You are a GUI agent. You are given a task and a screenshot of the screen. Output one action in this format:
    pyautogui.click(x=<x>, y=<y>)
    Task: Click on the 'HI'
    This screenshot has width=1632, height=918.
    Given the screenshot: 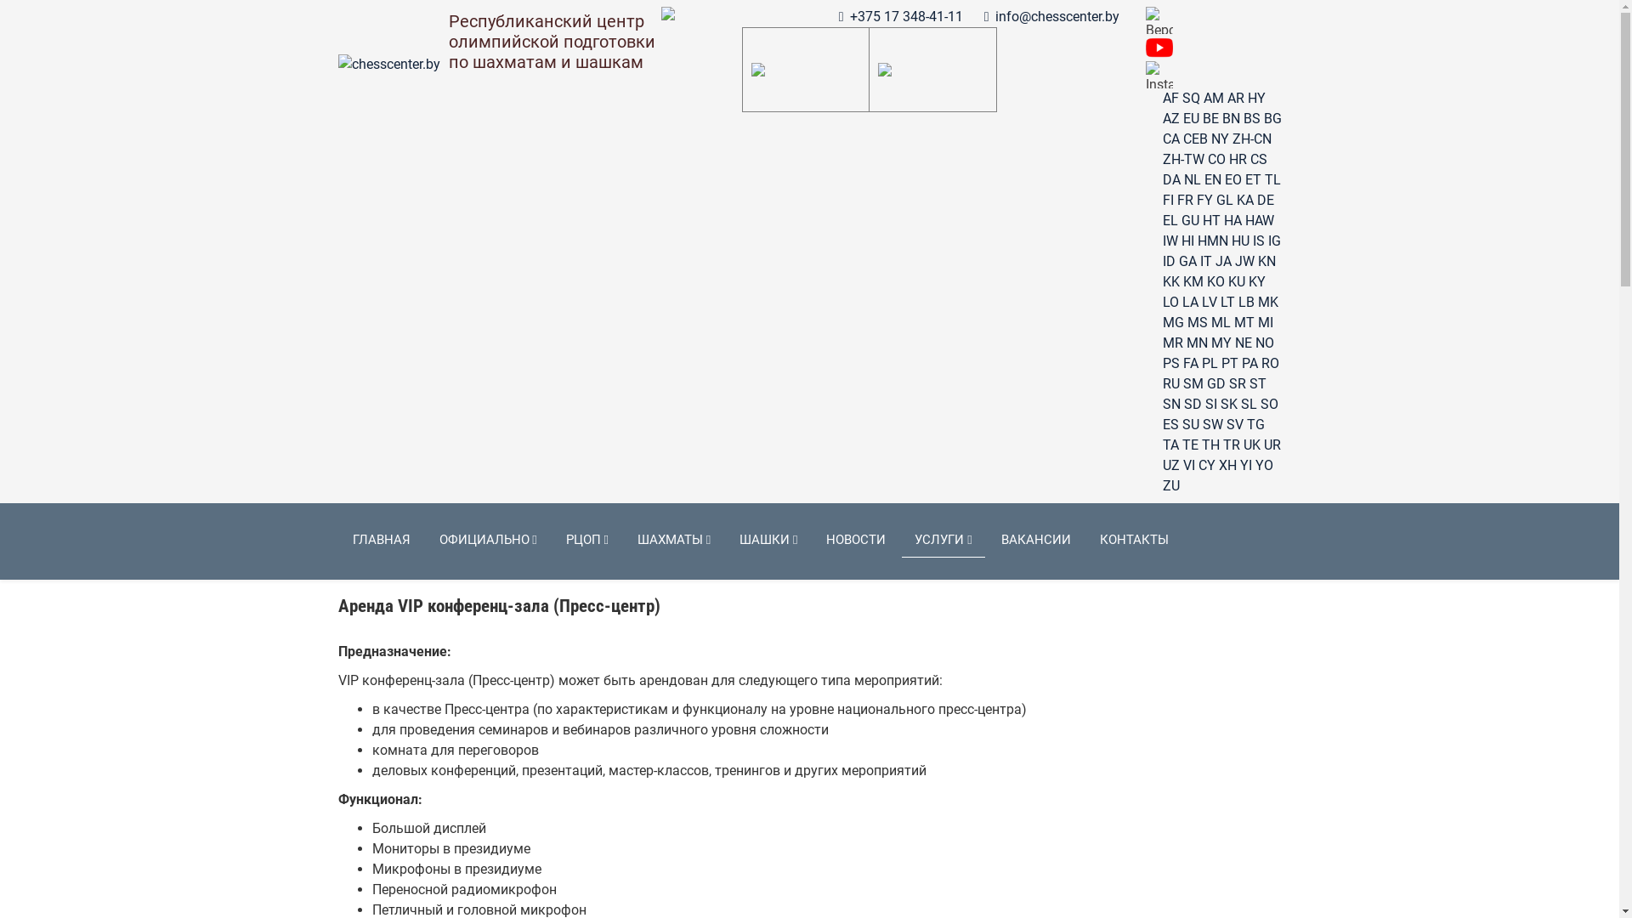 What is the action you would take?
    pyautogui.click(x=1187, y=241)
    